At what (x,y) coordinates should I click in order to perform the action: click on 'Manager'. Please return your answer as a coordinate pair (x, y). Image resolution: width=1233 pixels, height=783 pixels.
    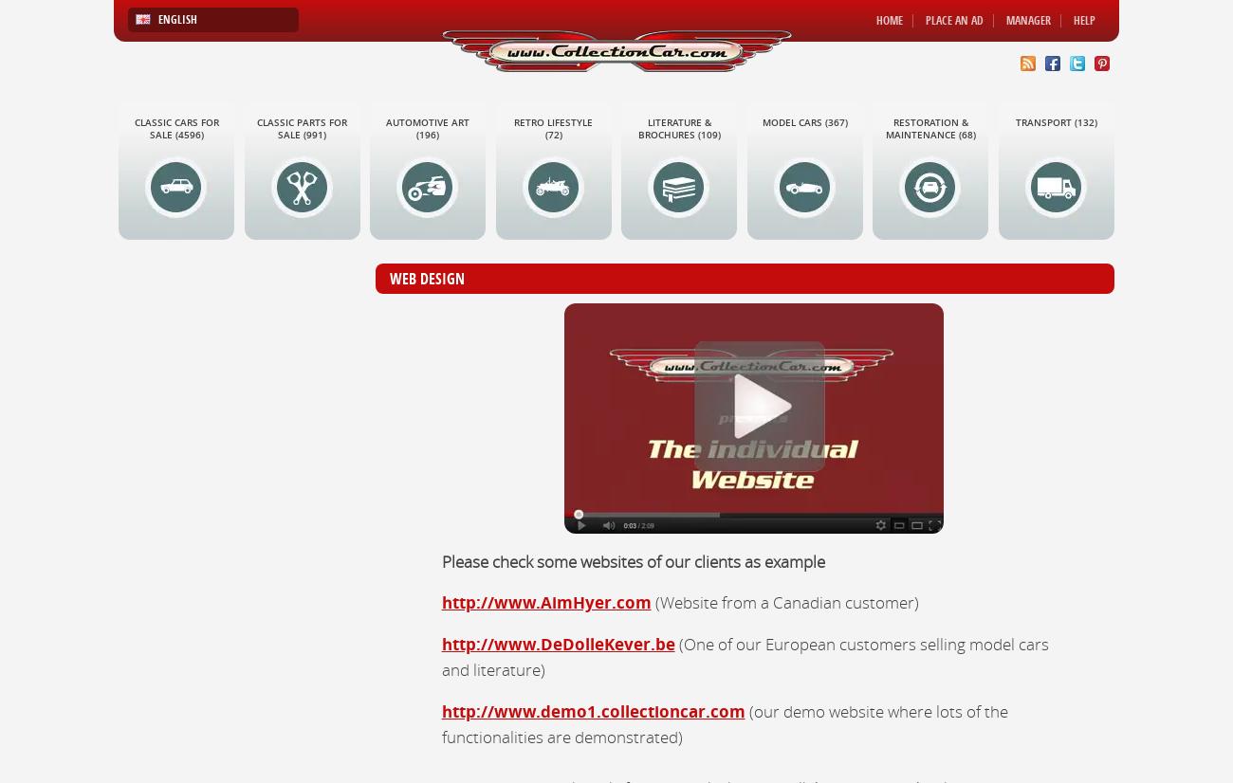
    Looking at the image, I should click on (1027, 20).